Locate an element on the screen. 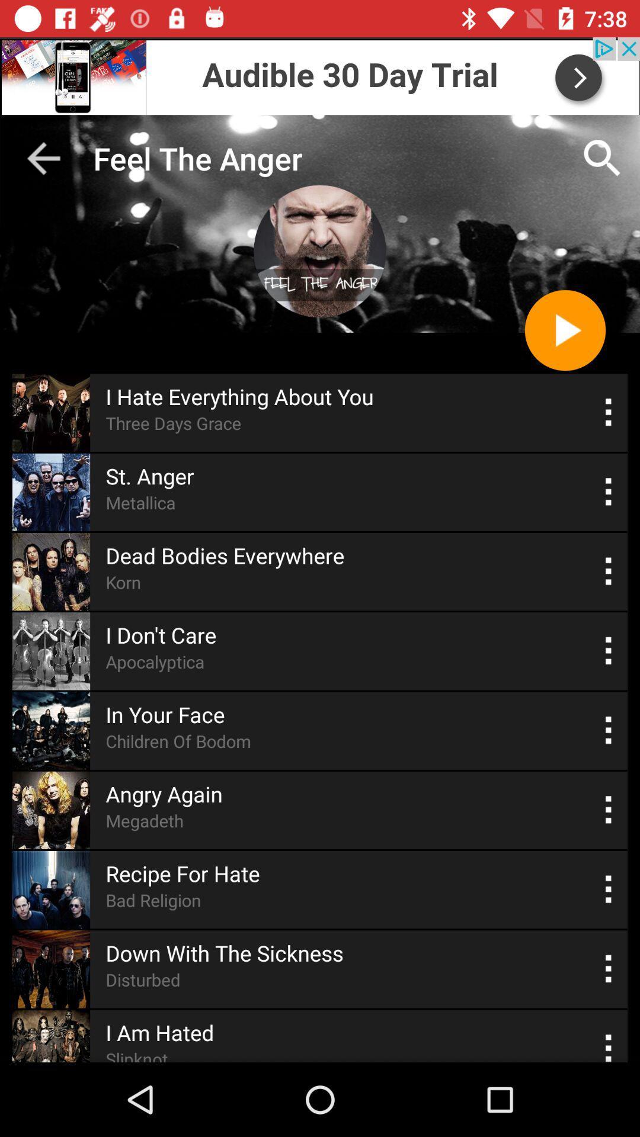  the option menu which is beside the st anger is located at coordinates (609, 492).